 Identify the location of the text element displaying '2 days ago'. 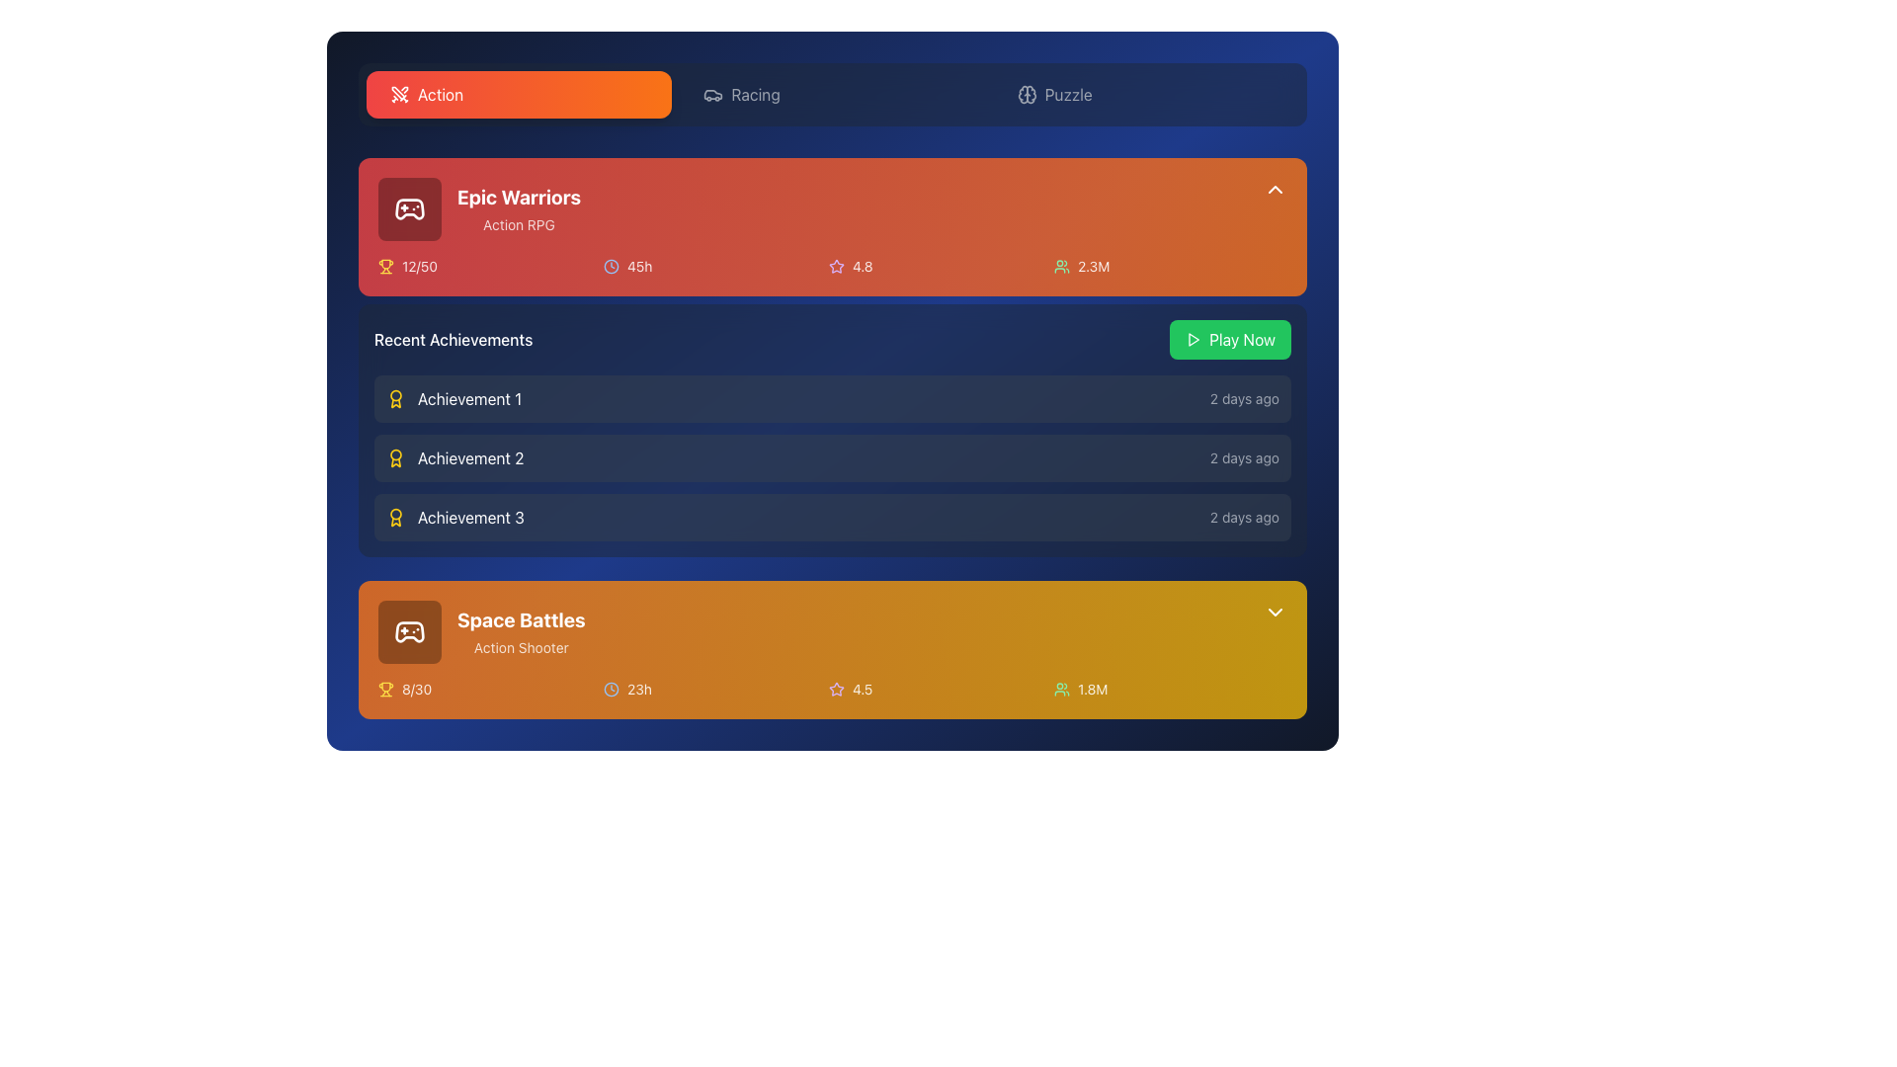
(1243, 399).